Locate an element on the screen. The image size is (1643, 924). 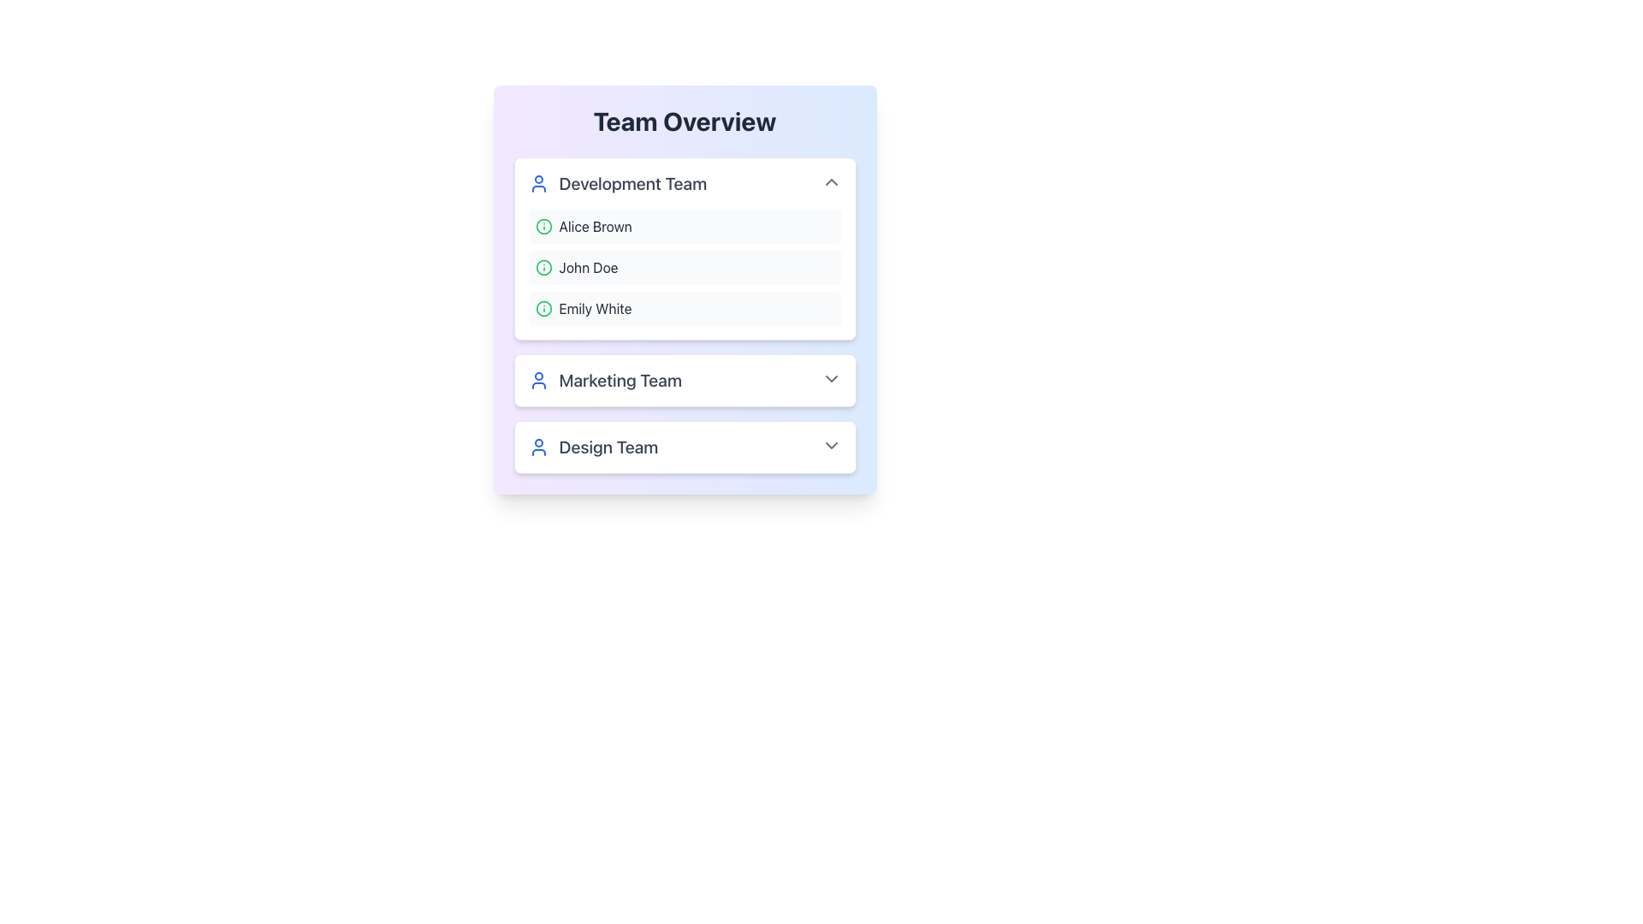
the upward-pointing chevron icon button located in the upper-right corner of the 'Development Team' section to emphasize the control is located at coordinates (831, 181).